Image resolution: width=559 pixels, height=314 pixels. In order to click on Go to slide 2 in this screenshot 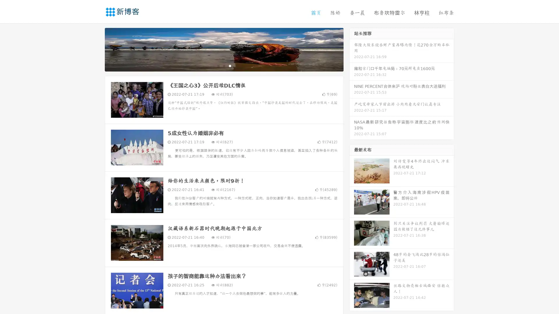, I will do `click(224, 65)`.